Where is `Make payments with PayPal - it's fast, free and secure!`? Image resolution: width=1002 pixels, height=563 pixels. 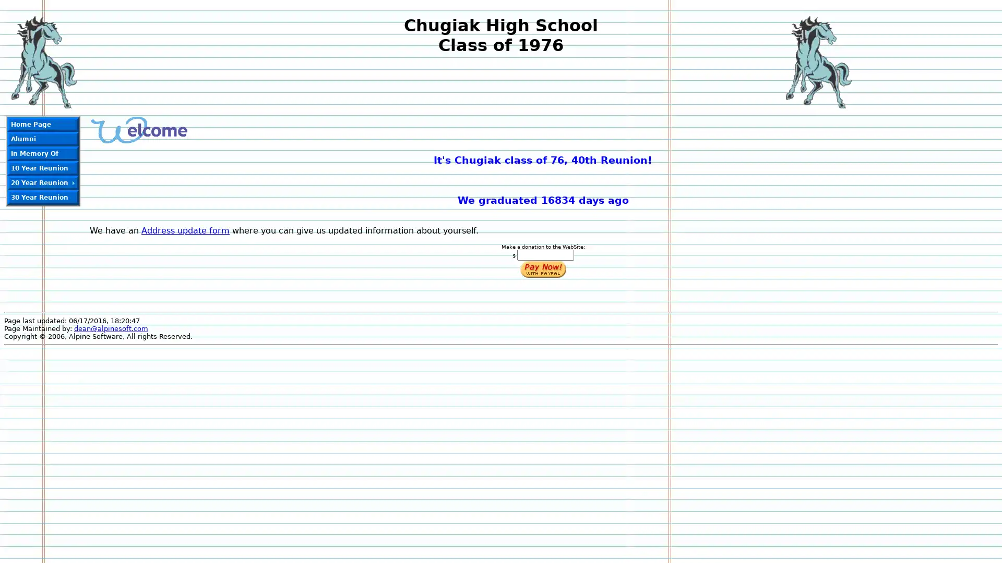 Make payments with PayPal - it's fast, free and secure! is located at coordinates (543, 268).